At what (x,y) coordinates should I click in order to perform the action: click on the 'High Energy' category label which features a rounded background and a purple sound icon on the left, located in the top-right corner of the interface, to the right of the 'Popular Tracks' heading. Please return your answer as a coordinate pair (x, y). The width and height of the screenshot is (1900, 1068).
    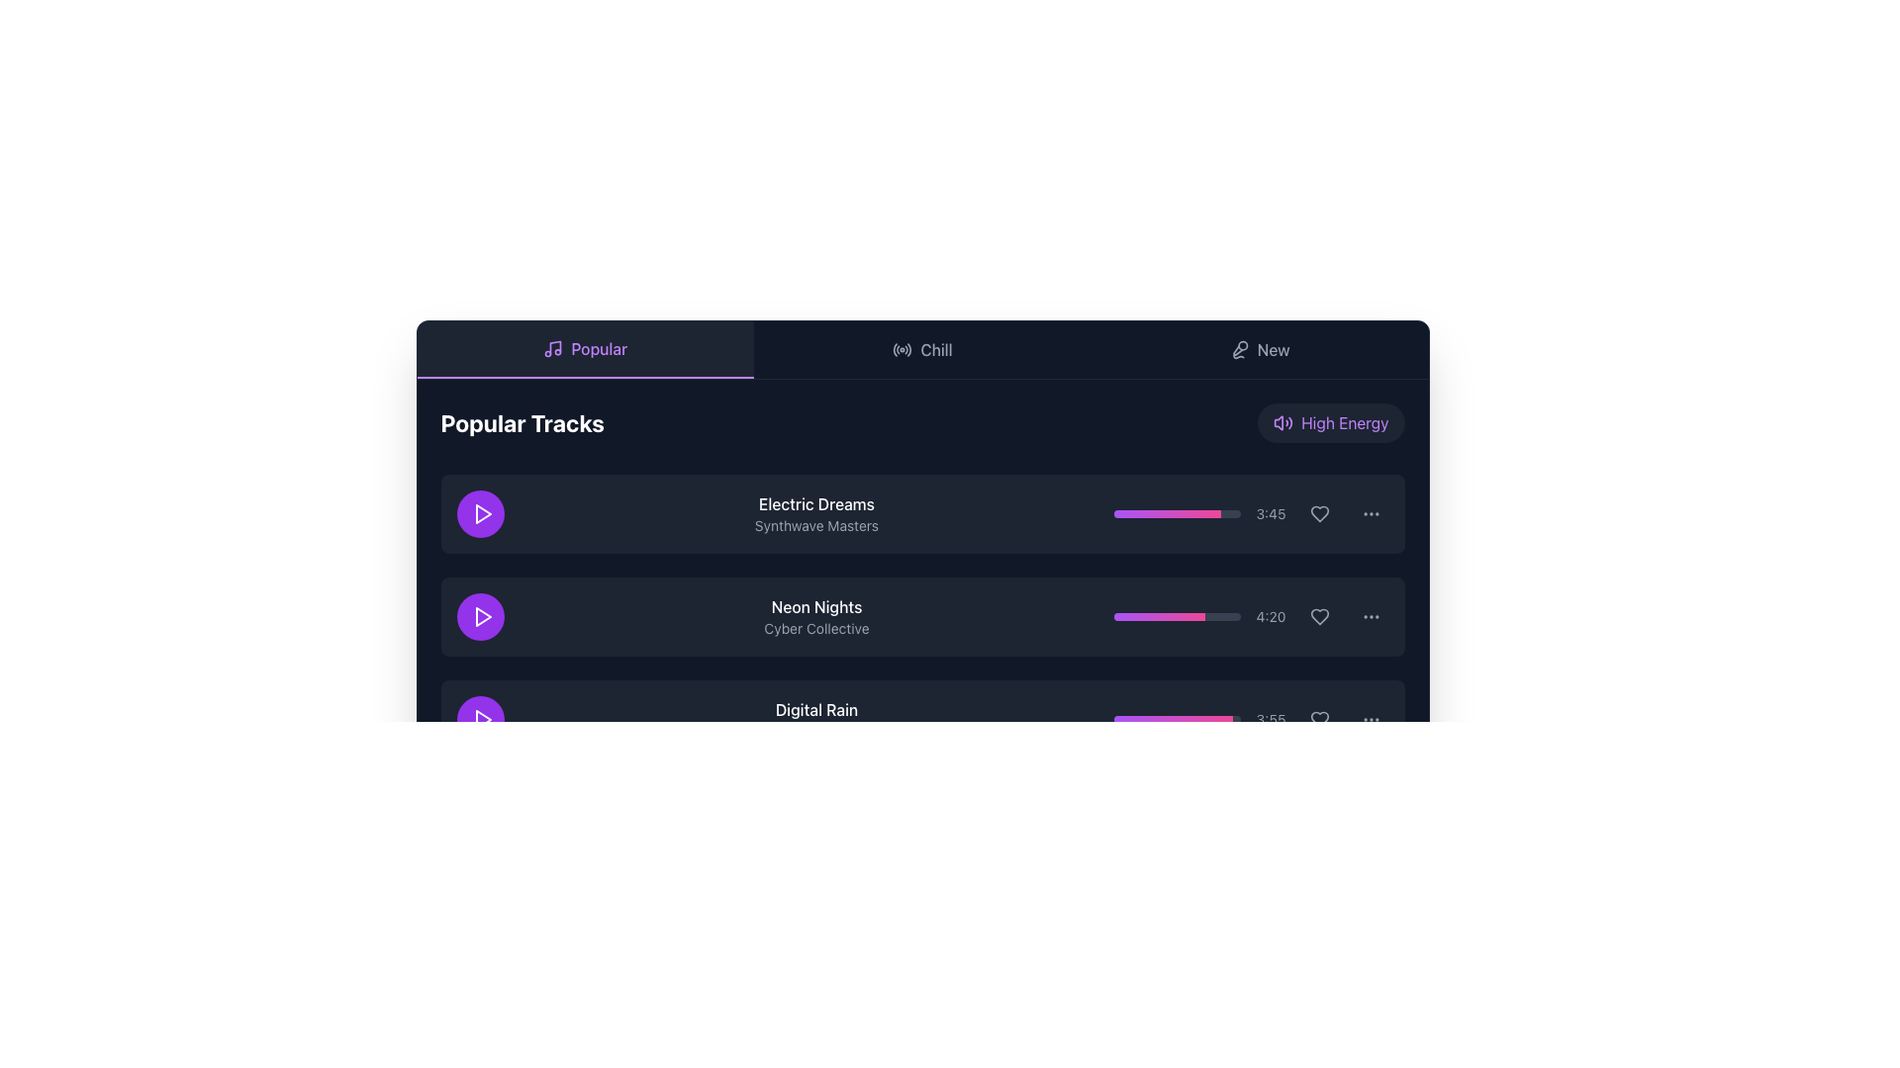
    Looking at the image, I should click on (1331, 422).